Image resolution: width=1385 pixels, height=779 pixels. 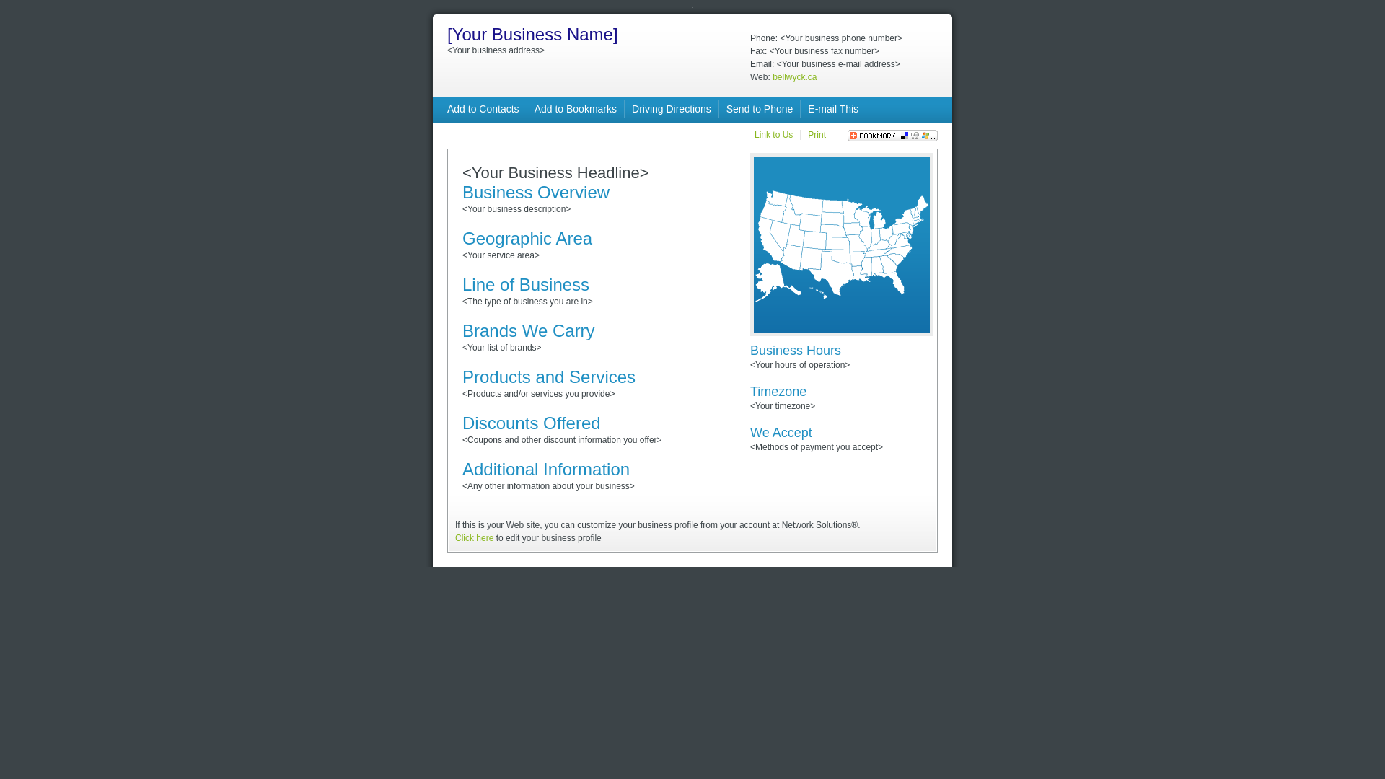 I want to click on 'E-mail This', so click(x=833, y=107).